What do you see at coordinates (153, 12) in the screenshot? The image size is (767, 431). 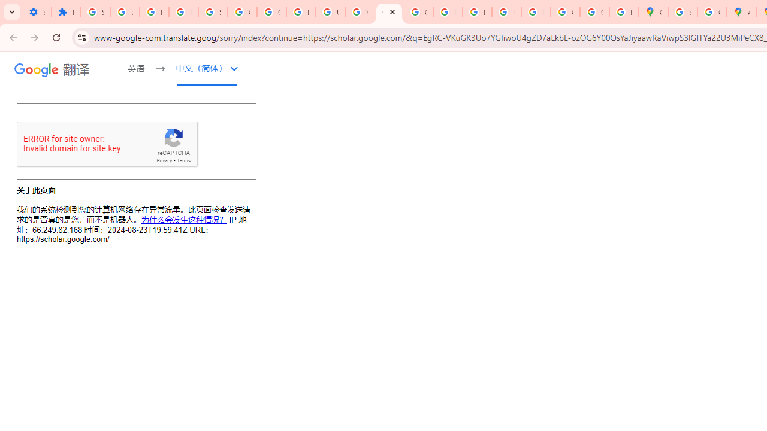 I see `'Learn how to find your photos - Google Photos Help'` at bounding box center [153, 12].